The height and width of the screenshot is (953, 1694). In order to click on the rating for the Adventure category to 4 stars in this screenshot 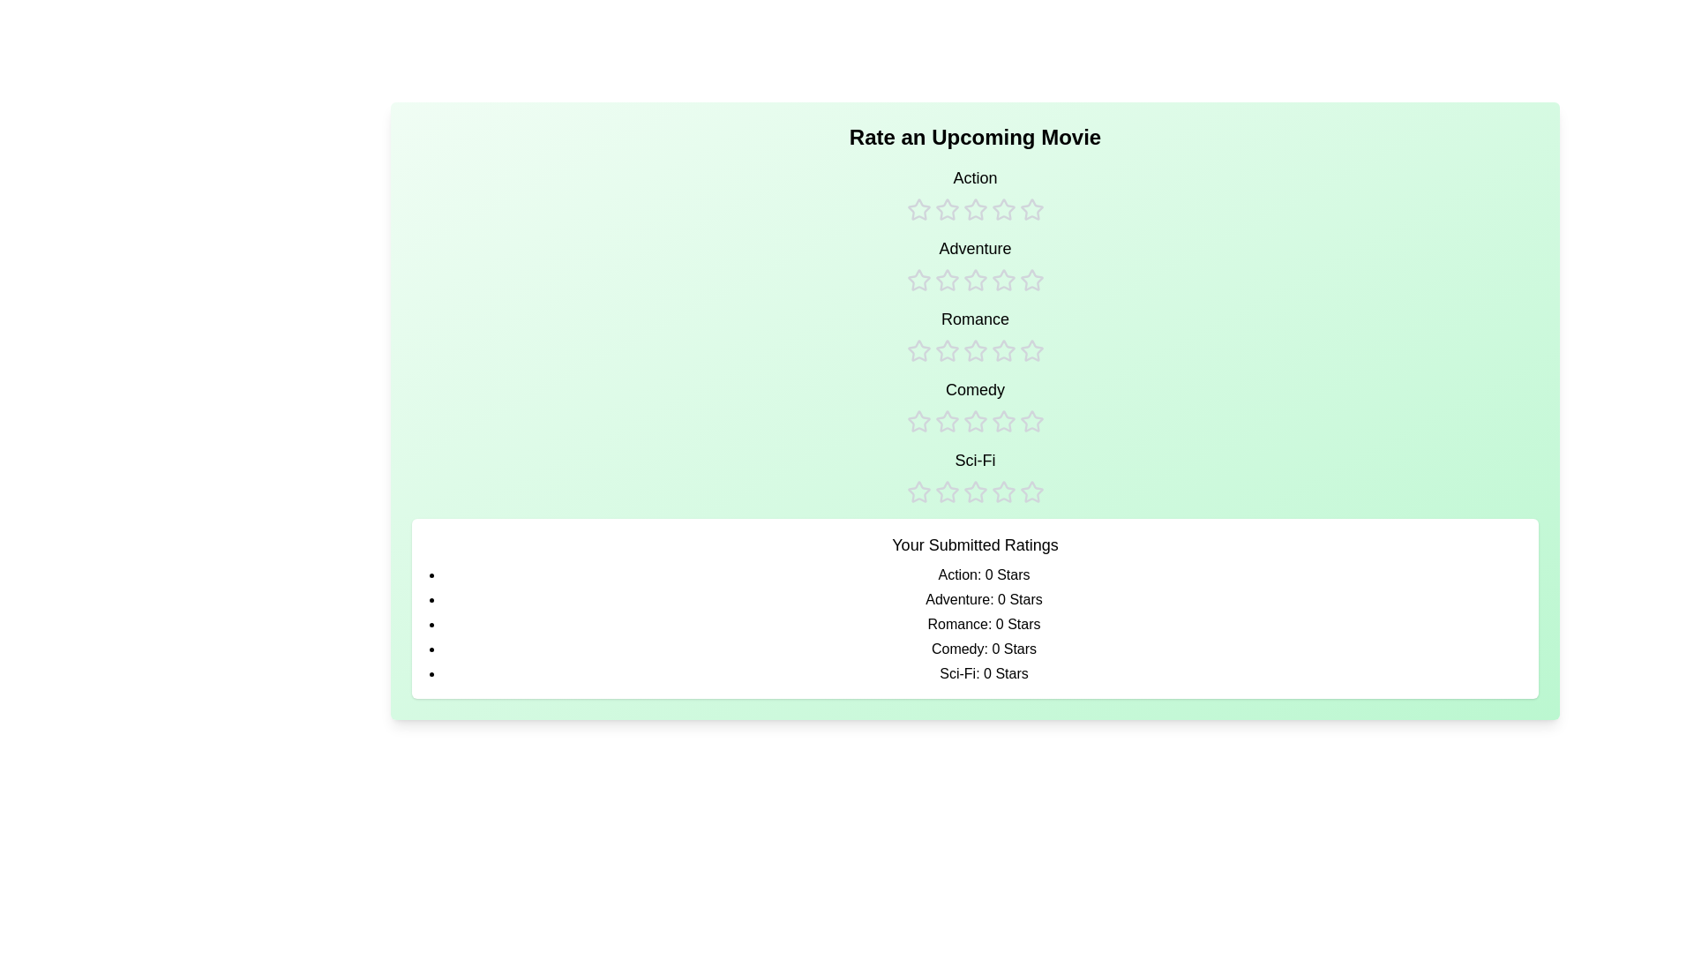, I will do `click(1003, 265)`.